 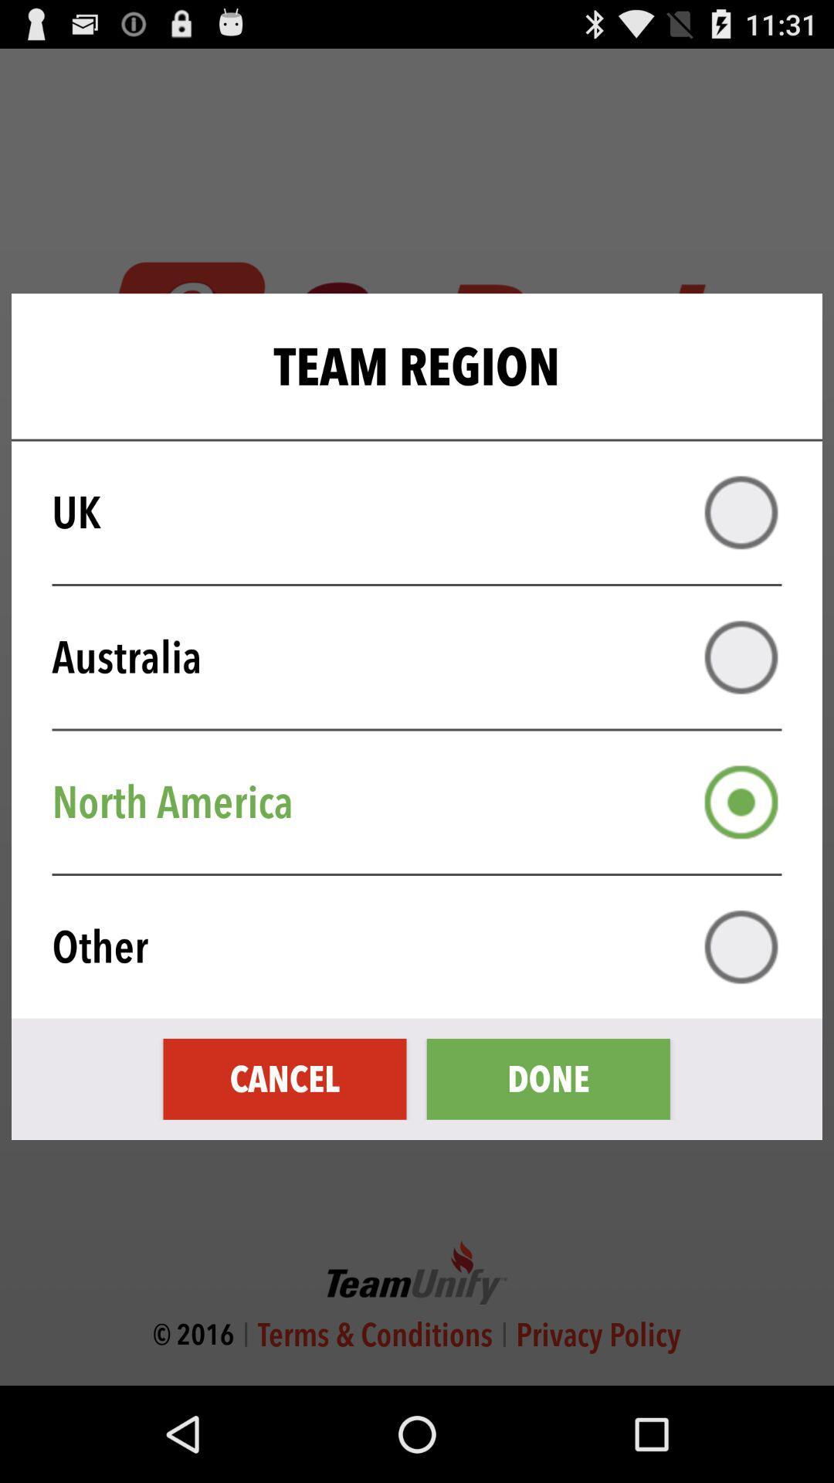 I want to click on north america, so click(x=741, y=802).